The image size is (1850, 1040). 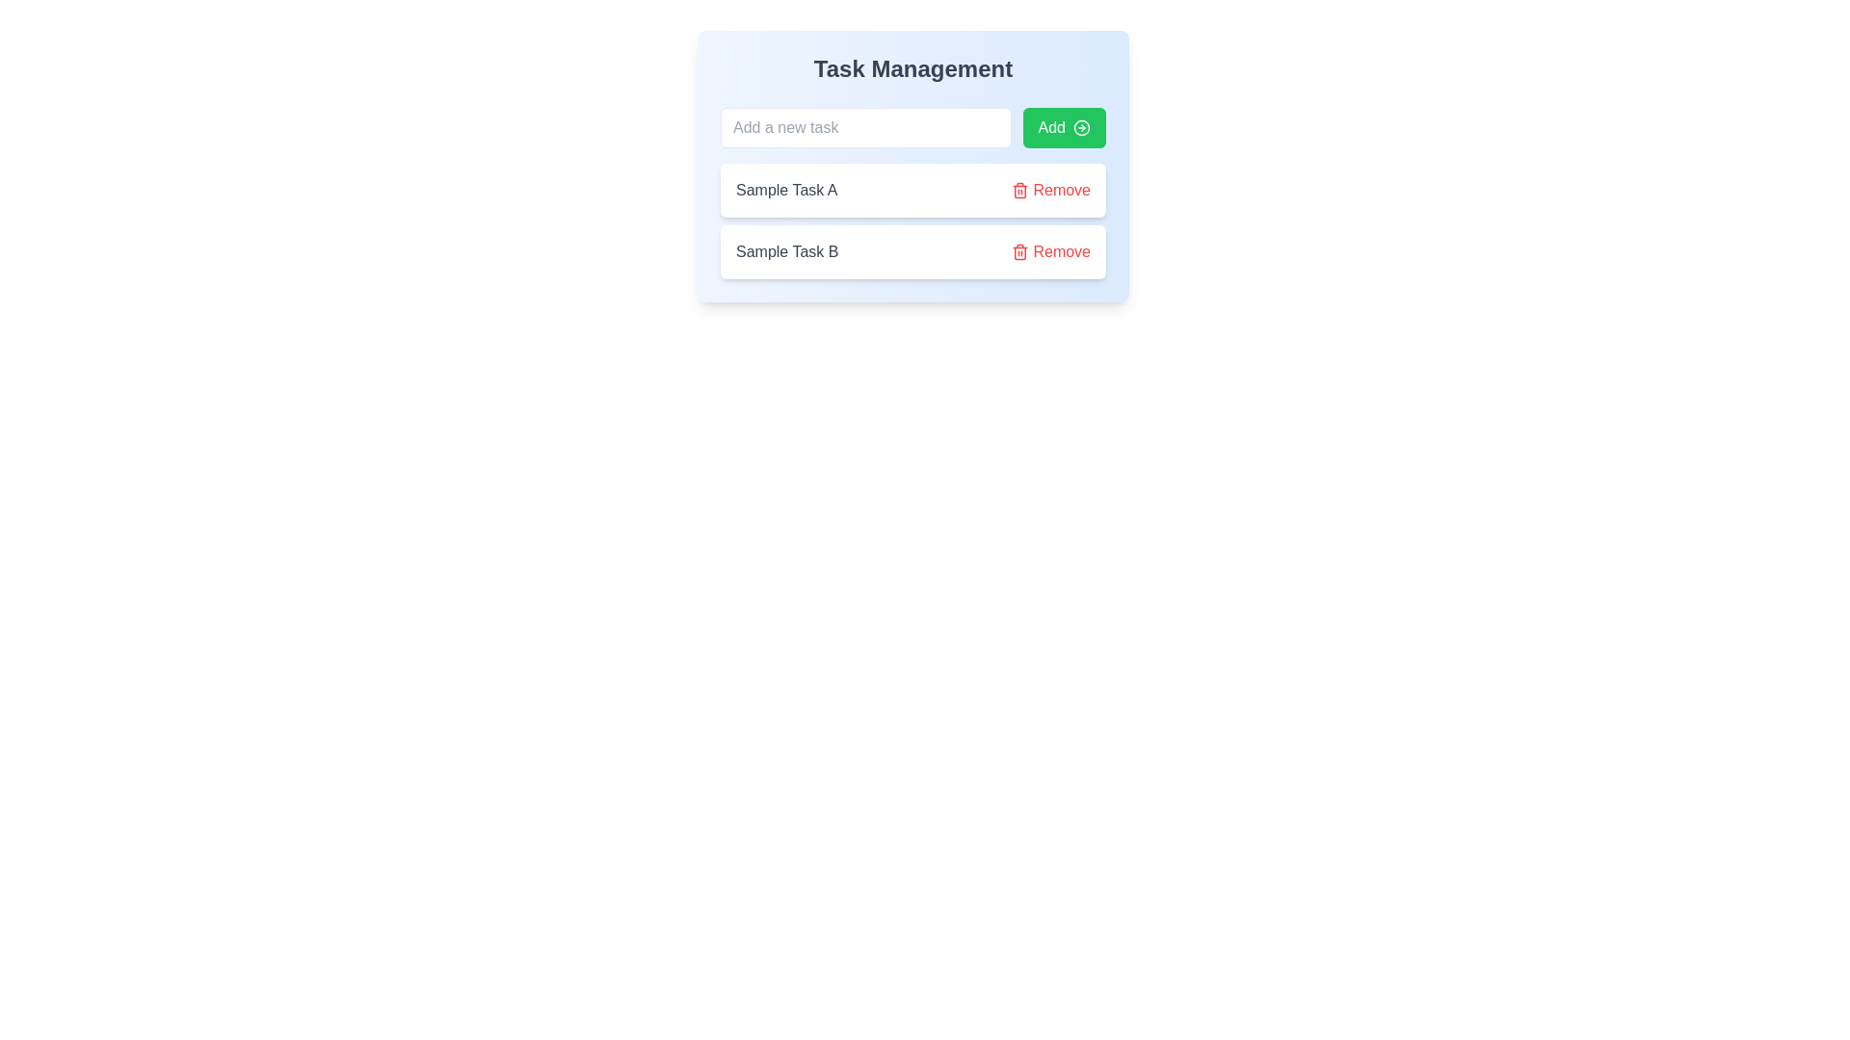 What do you see at coordinates (1019, 190) in the screenshot?
I see `the red trash can icon located to the left of the 'Remove' text in the task management list for visual feedback` at bounding box center [1019, 190].